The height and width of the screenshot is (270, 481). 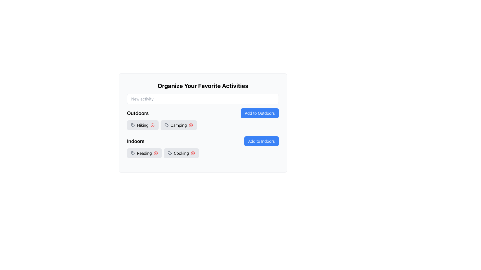 I want to click on the circular indicator element associated with the 'Hiking' tag, located adjacent to the 'Hiking' tag in the 'Outdoors' category, so click(x=152, y=125).